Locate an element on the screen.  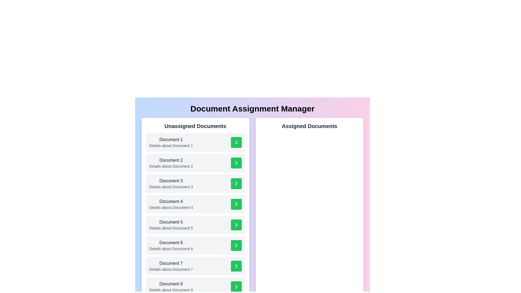
the right-pointing chevron icon within the green button corresponding to the 'Document 6' entry in the 'Unassigned Documents' section is located at coordinates (236, 246).